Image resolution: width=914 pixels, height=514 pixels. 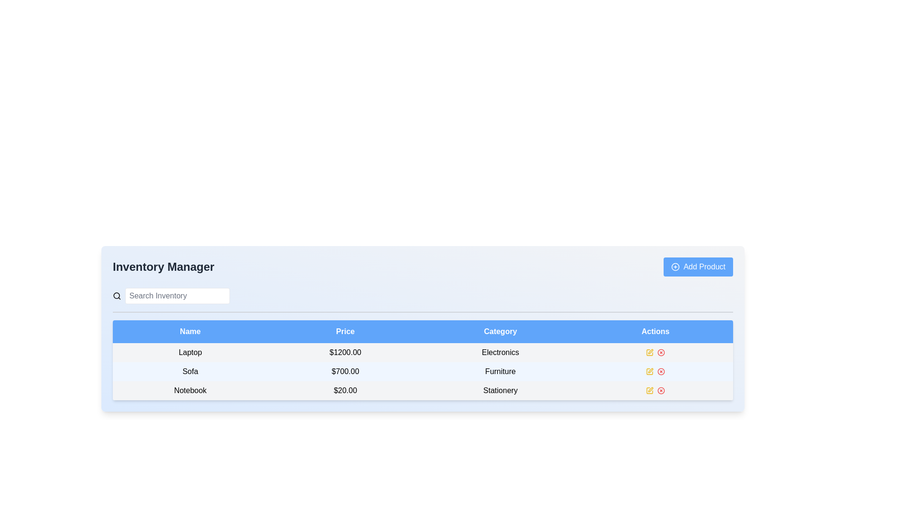 I want to click on the column data associated with the 'Name' header, so click(x=190, y=331).